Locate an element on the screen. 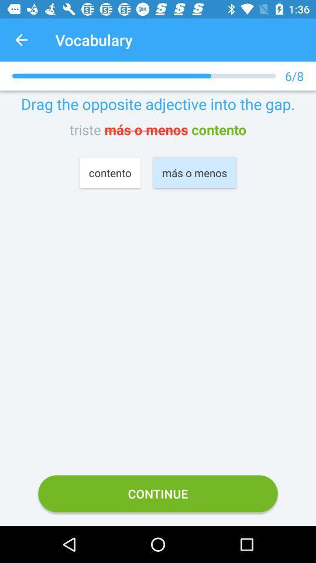  item next to vocabulary is located at coordinates (21, 40).